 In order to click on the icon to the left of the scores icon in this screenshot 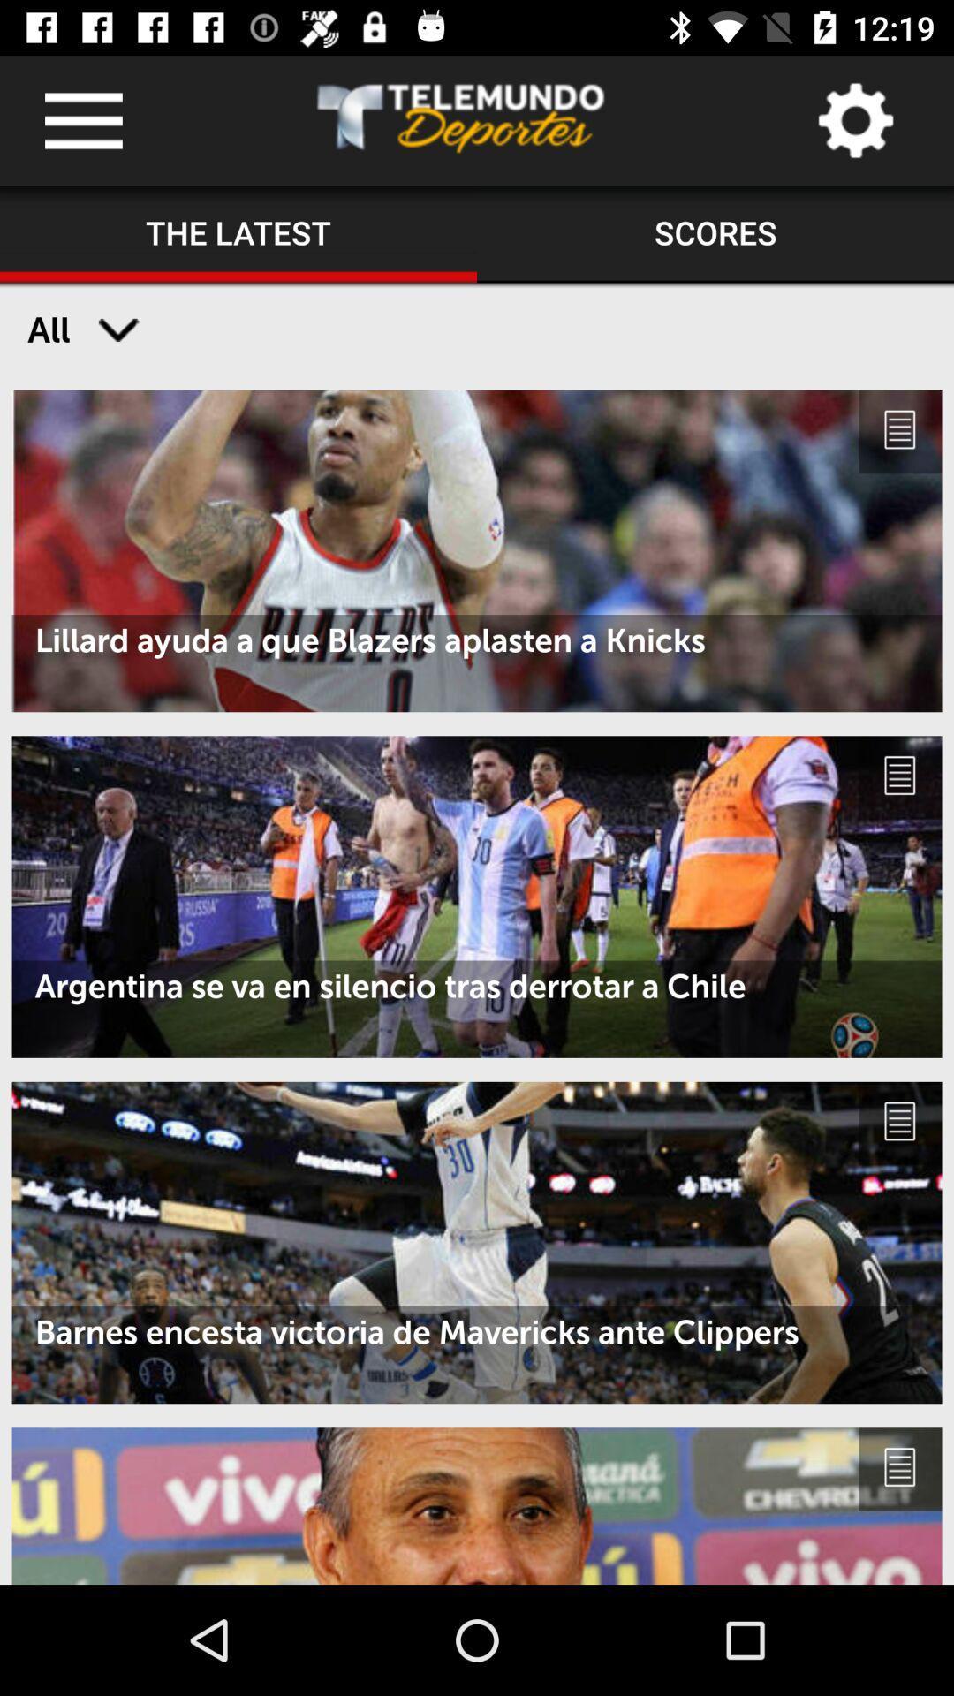, I will do `click(238, 233)`.